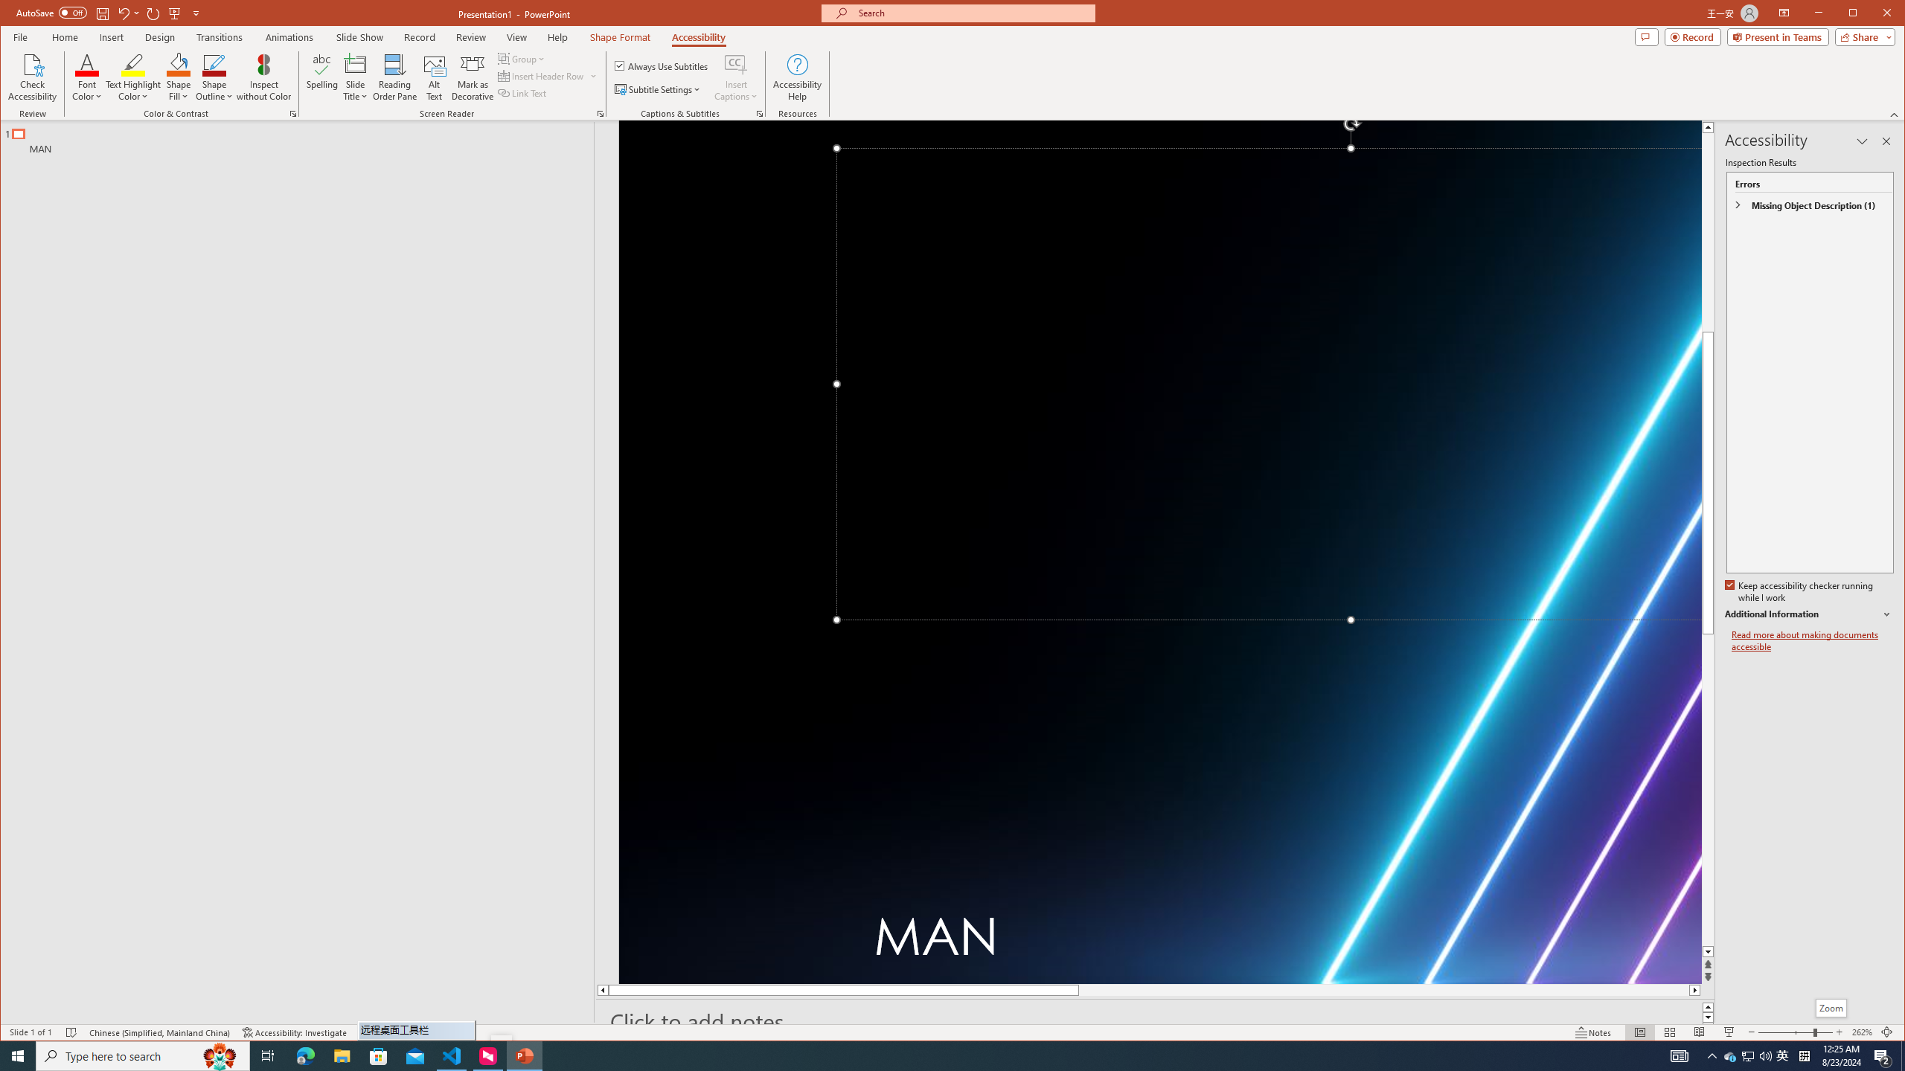 Image resolution: width=1905 pixels, height=1071 pixels. Describe the element at coordinates (1838, 1032) in the screenshot. I see `'Zoom In'` at that location.